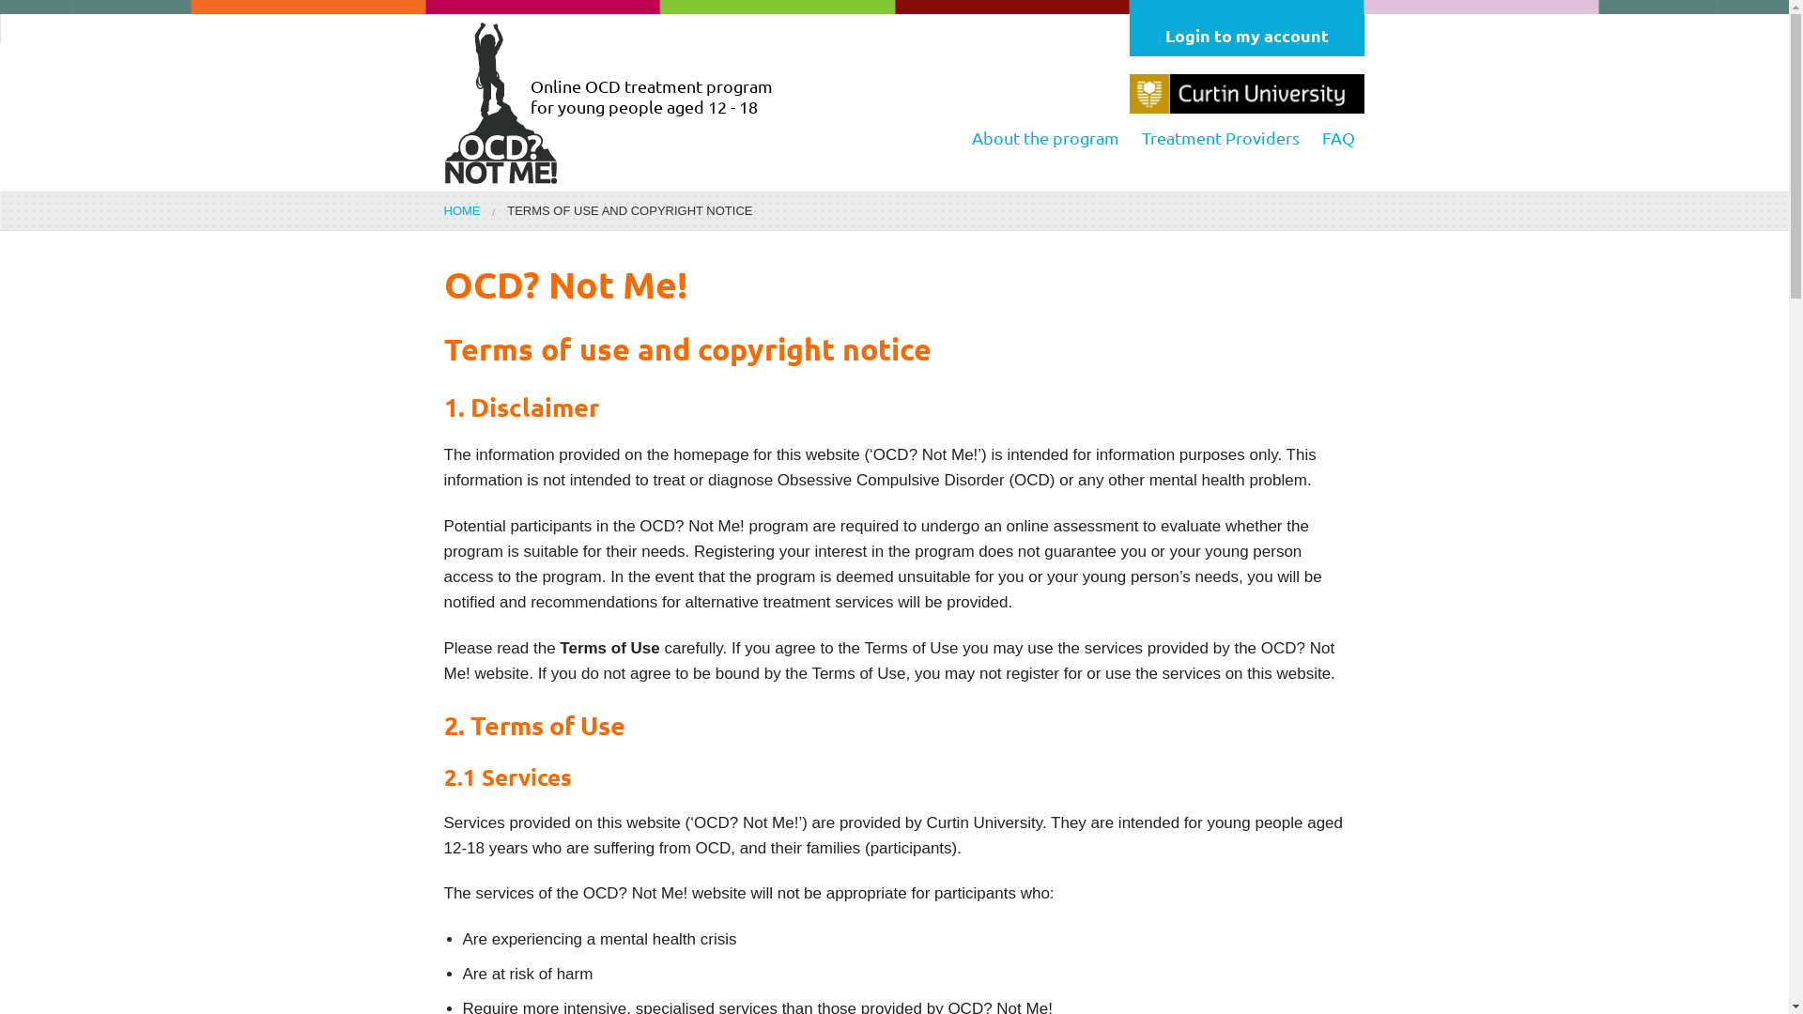 Image resolution: width=1803 pixels, height=1014 pixels. Describe the element at coordinates (629, 210) in the screenshot. I see `'TERMS OF USE AND COPYRIGHT NOTICE'` at that location.